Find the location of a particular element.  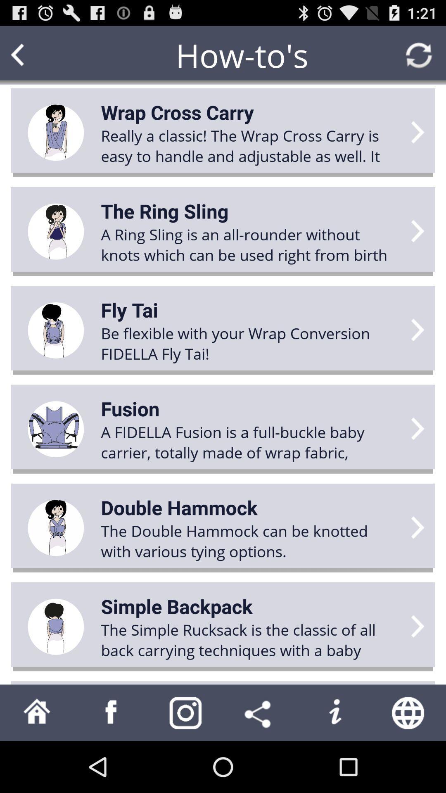

the globe icon is located at coordinates (409, 762).